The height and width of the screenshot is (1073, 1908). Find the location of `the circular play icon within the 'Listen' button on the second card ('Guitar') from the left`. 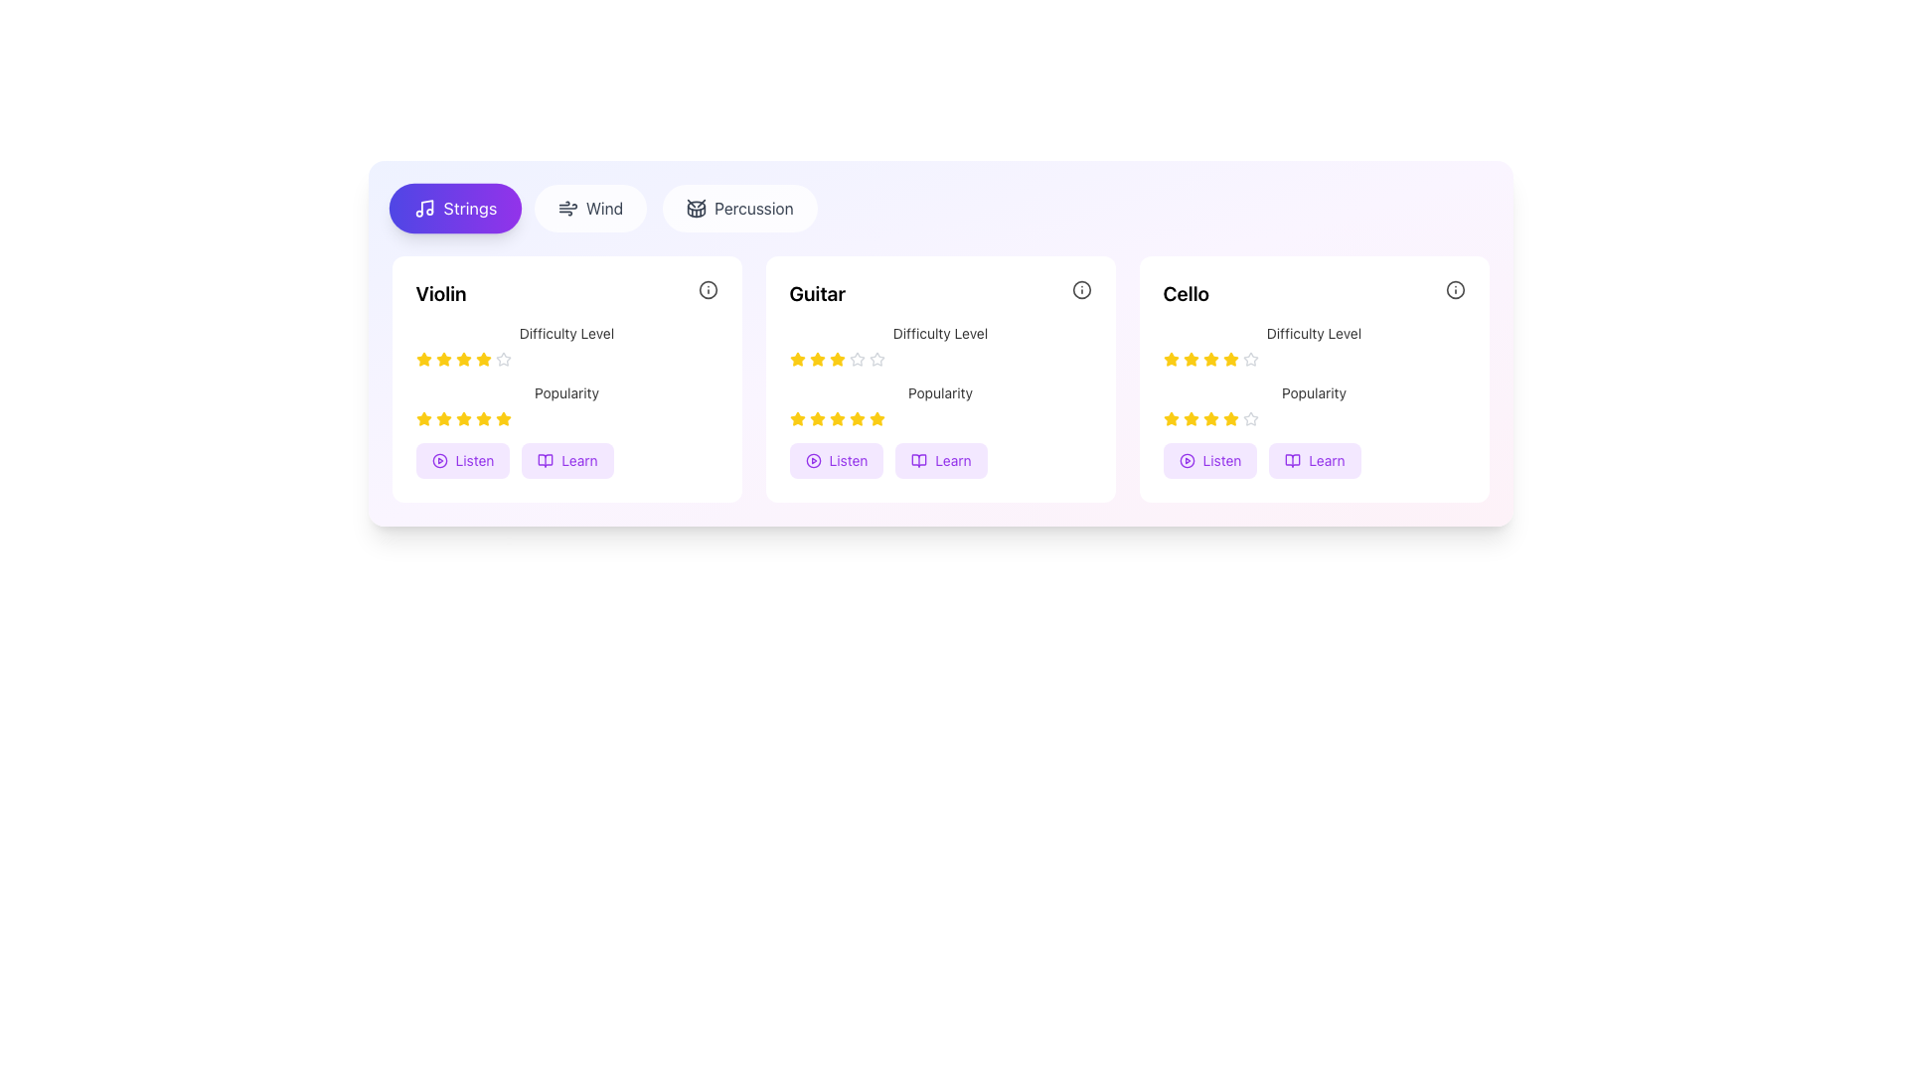

the circular play icon within the 'Listen' button on the second card ('Guitar') from the left is located at coordinates (813, 460).